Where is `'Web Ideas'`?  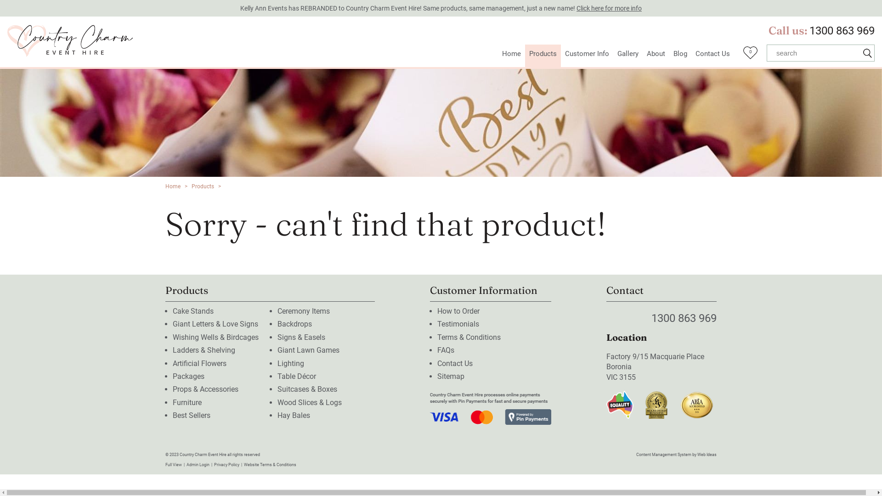 'Web Ideas' is located at coordinates (707, 455).